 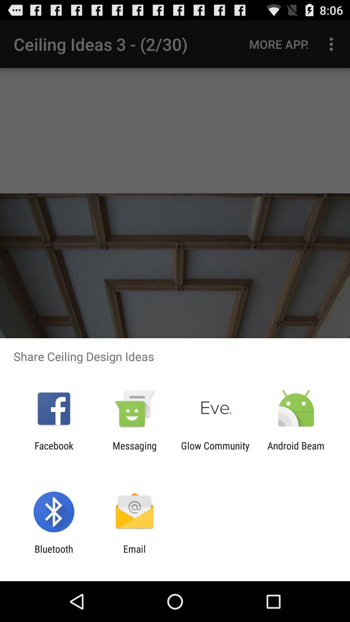 What do you see at coordinates (134, 451) in the screenshot?
I see `item next to glow community item` at bounding box center [134, 451].